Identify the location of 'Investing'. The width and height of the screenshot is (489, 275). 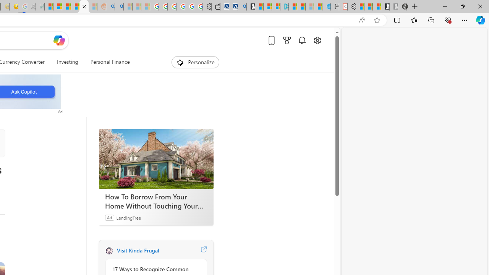
(67, 62).